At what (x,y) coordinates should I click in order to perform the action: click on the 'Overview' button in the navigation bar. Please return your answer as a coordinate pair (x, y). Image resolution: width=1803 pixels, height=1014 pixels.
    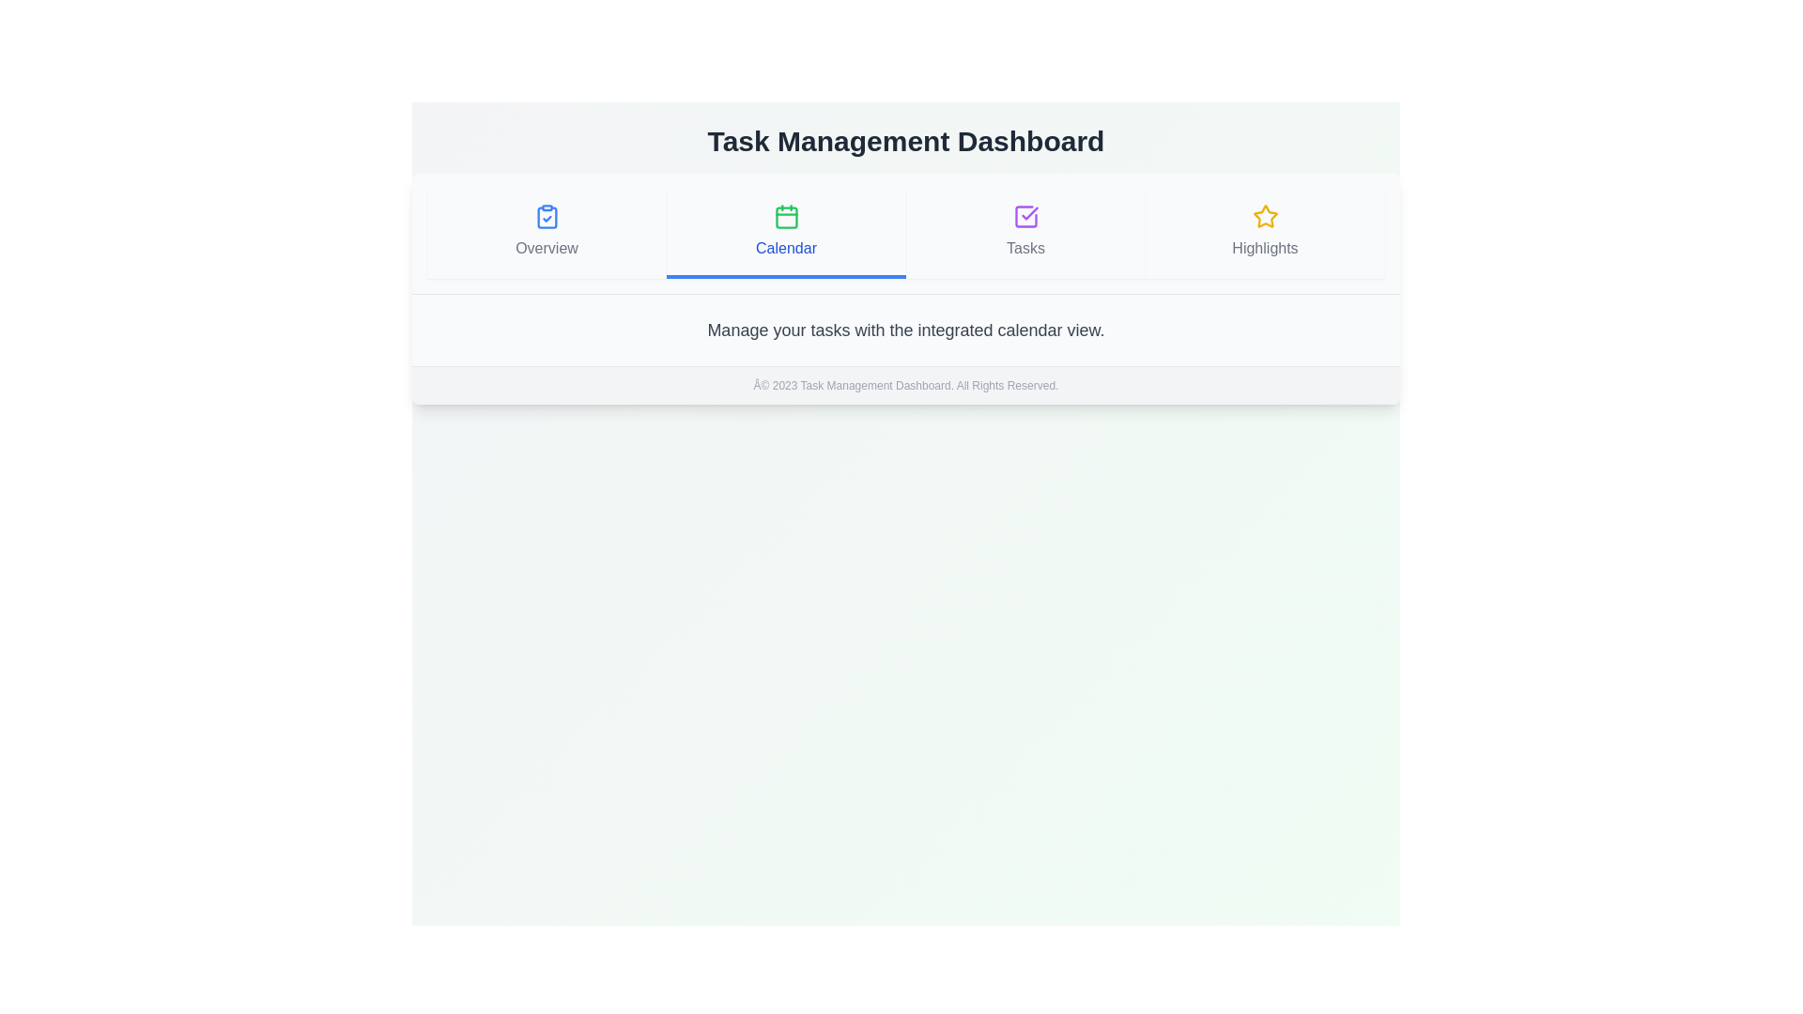
    Looking at the image, I should click on (546, 233).